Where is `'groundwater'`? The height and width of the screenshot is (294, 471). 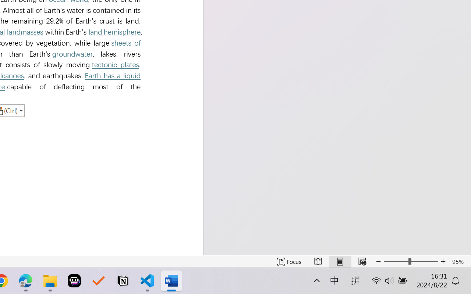
'groundwater' is located at coordinates (72, 54).